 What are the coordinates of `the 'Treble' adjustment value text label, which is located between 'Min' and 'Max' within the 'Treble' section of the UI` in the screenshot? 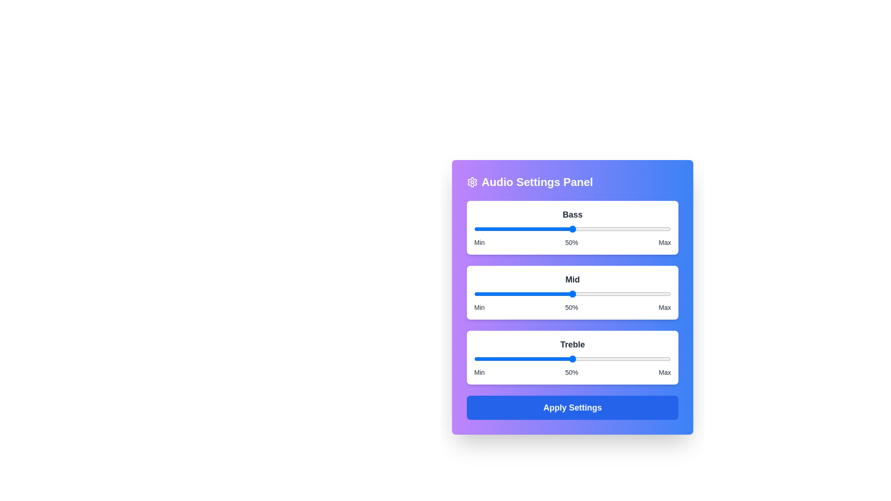 It's located at (571, 372).